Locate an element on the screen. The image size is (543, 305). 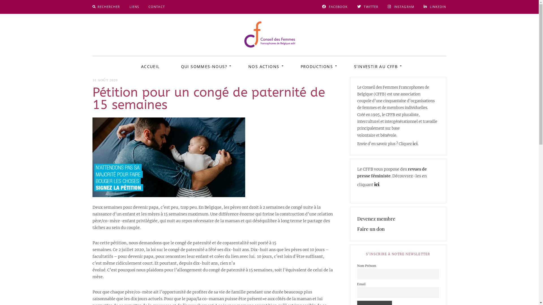
'ici' is located at coordinates (377, 184).